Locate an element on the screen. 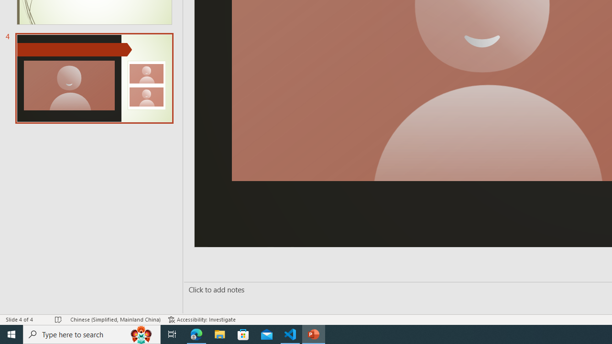  'Accessibility Checker Accessibility: Investigate' is located at coordinates (201, 320).